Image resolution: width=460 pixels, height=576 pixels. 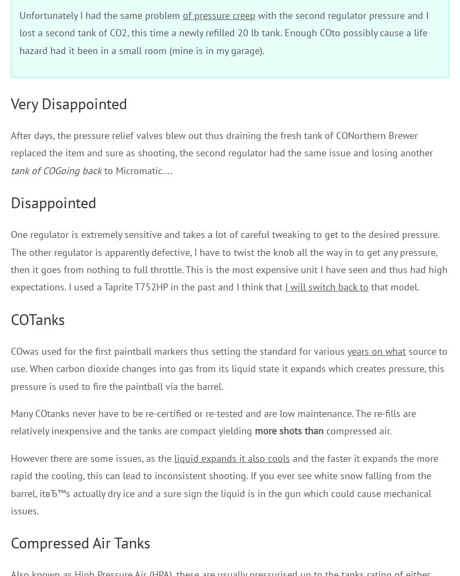 I want to click on 'that model.', so click(x=394, y=286).